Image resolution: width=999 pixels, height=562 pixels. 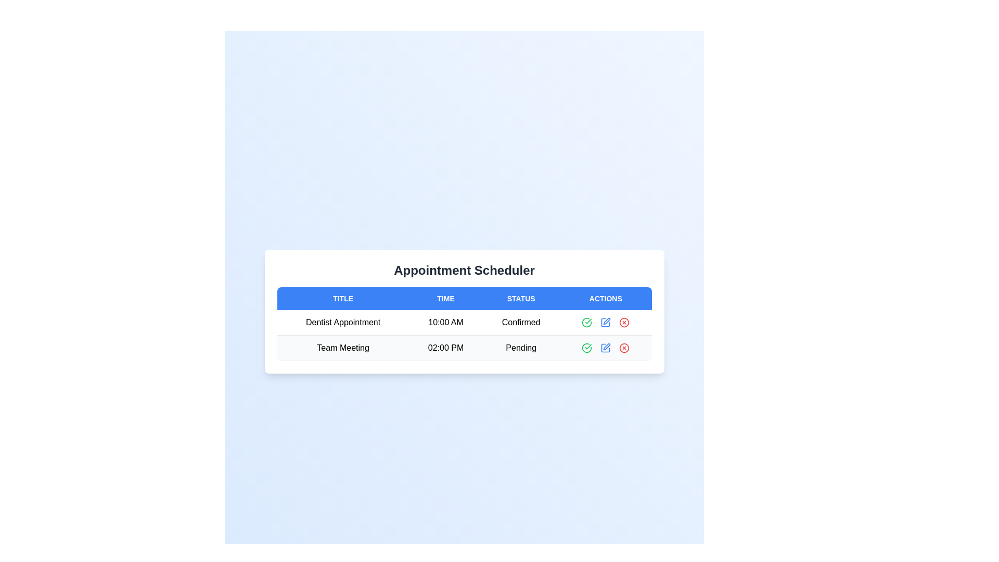 What do you see at coordinates (624, 322) in the screenshot?
I see `the SVG Circle Icon representing a delete or cancel action located in the 'Actions' column of the first row under 'Appointment Scheduler'` at bounding box center [624, 322].